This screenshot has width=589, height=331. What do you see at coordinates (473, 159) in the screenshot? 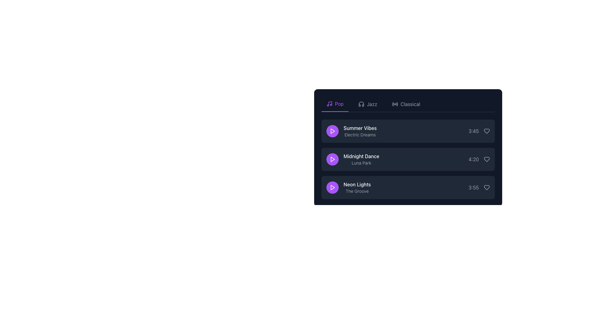
I see `the duration text of the music track 'Midnight Dance', located in the second row of the track list, just before the heart icon` at bounding box center [473, 159].